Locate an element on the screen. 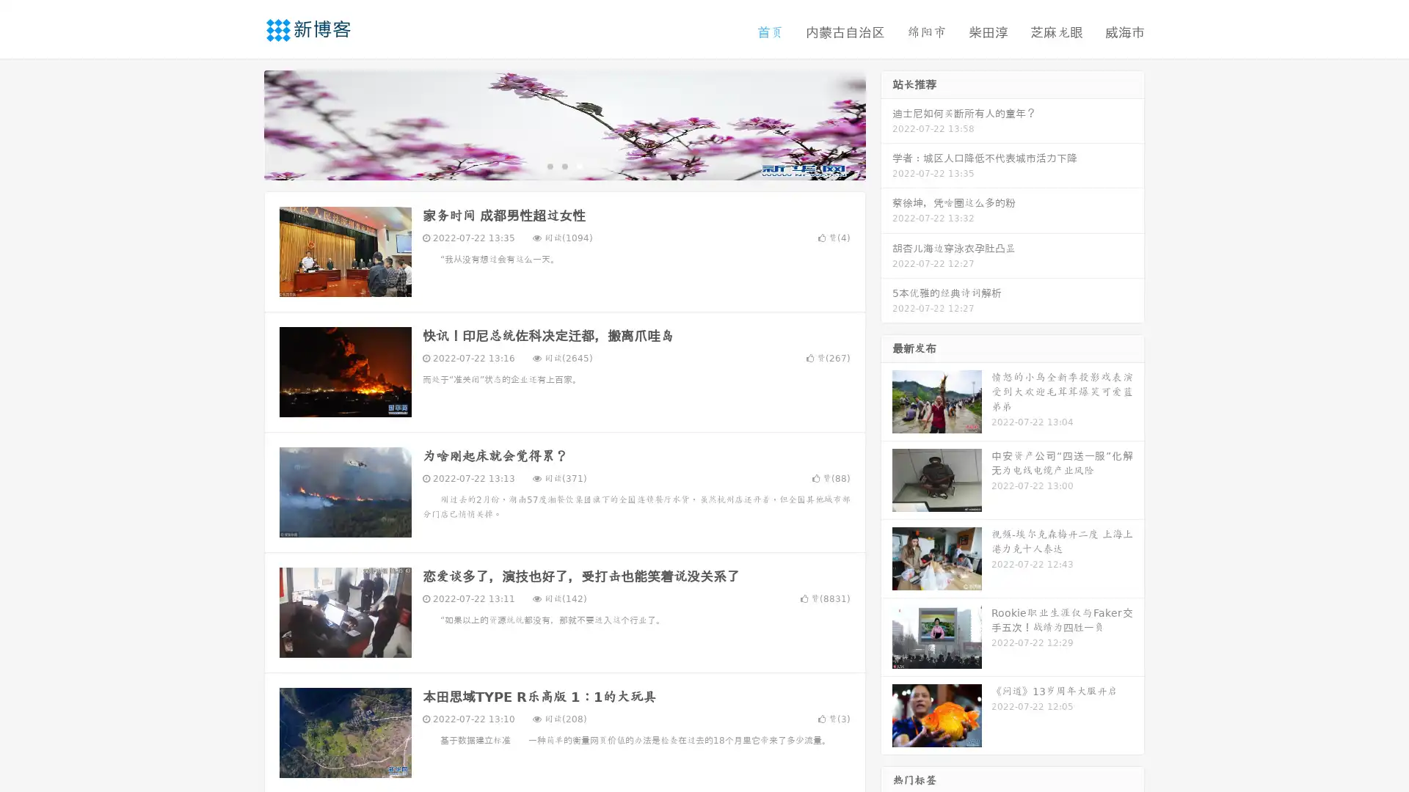 Image resolution: width=1409 pixels, height=792 pixels. Previous slide is located at coordinates (242, 123).